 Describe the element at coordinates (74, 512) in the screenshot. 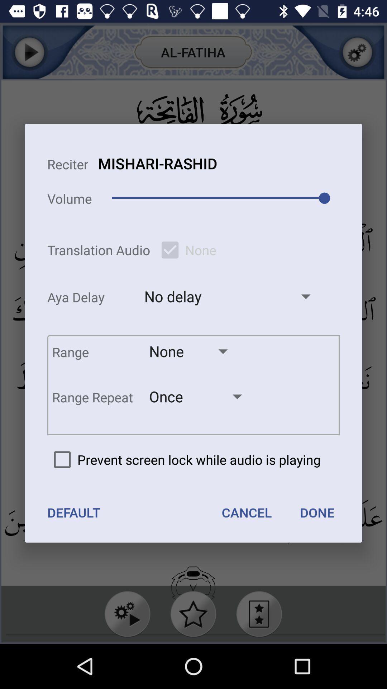

I see `the item at the bottom left corner` at that location.